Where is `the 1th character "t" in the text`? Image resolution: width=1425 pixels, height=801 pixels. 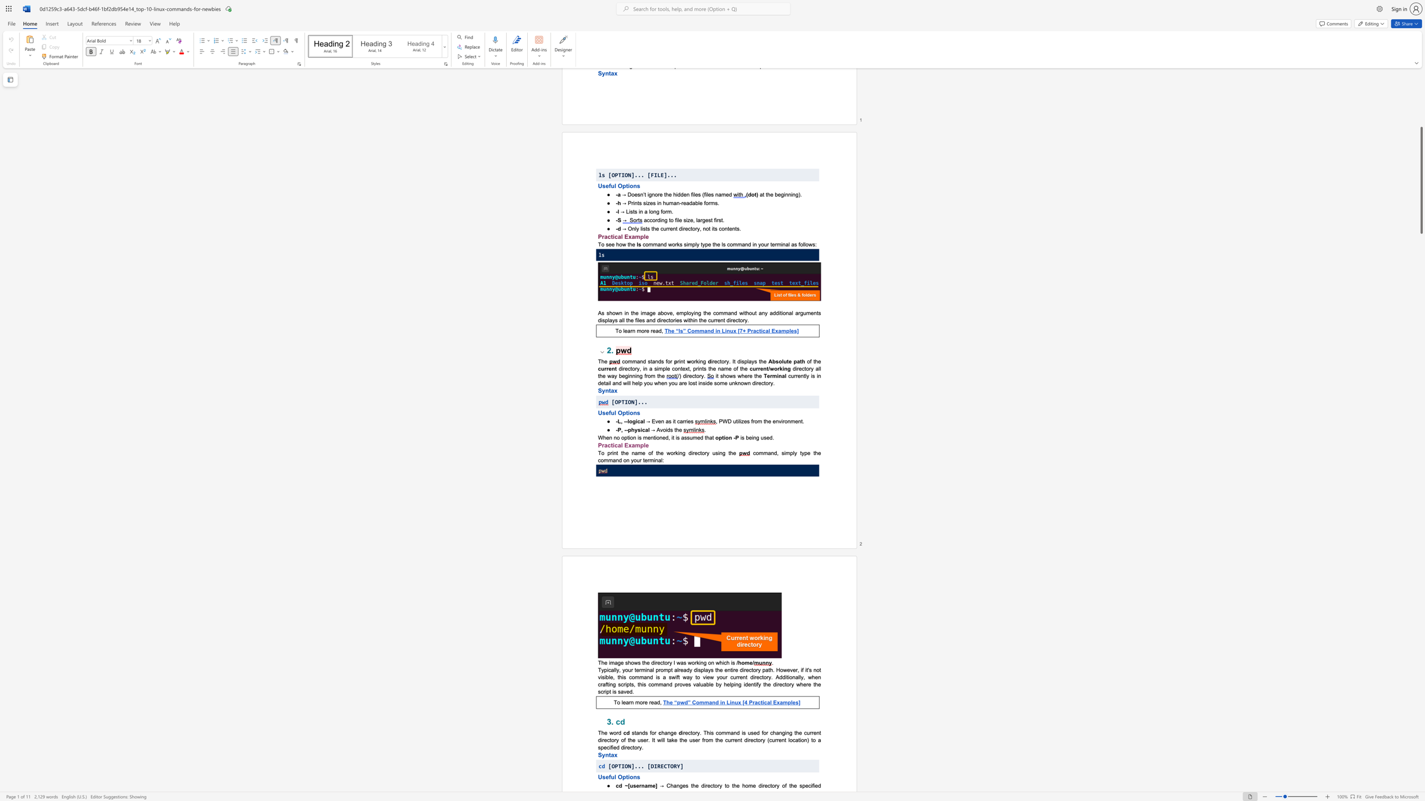
the 1th character "t" in the text is located at coordinates (626, 776).